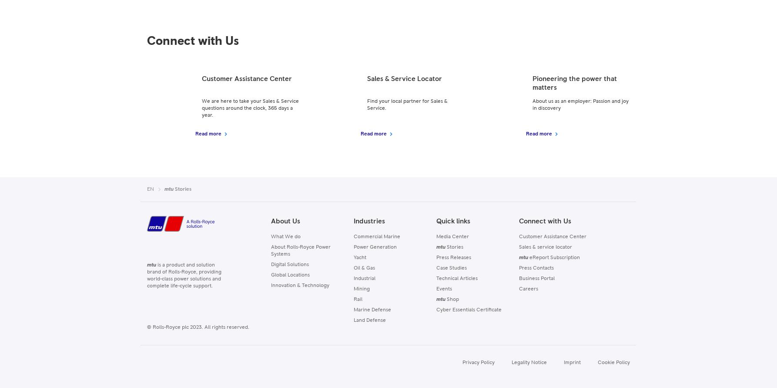 Image resolution: width=777 pixels, height=388 pixels. Describe the element at coordinates (300, 251) in the screenshot. I see `'About Rolls-Royce Power Systems'` at that location.